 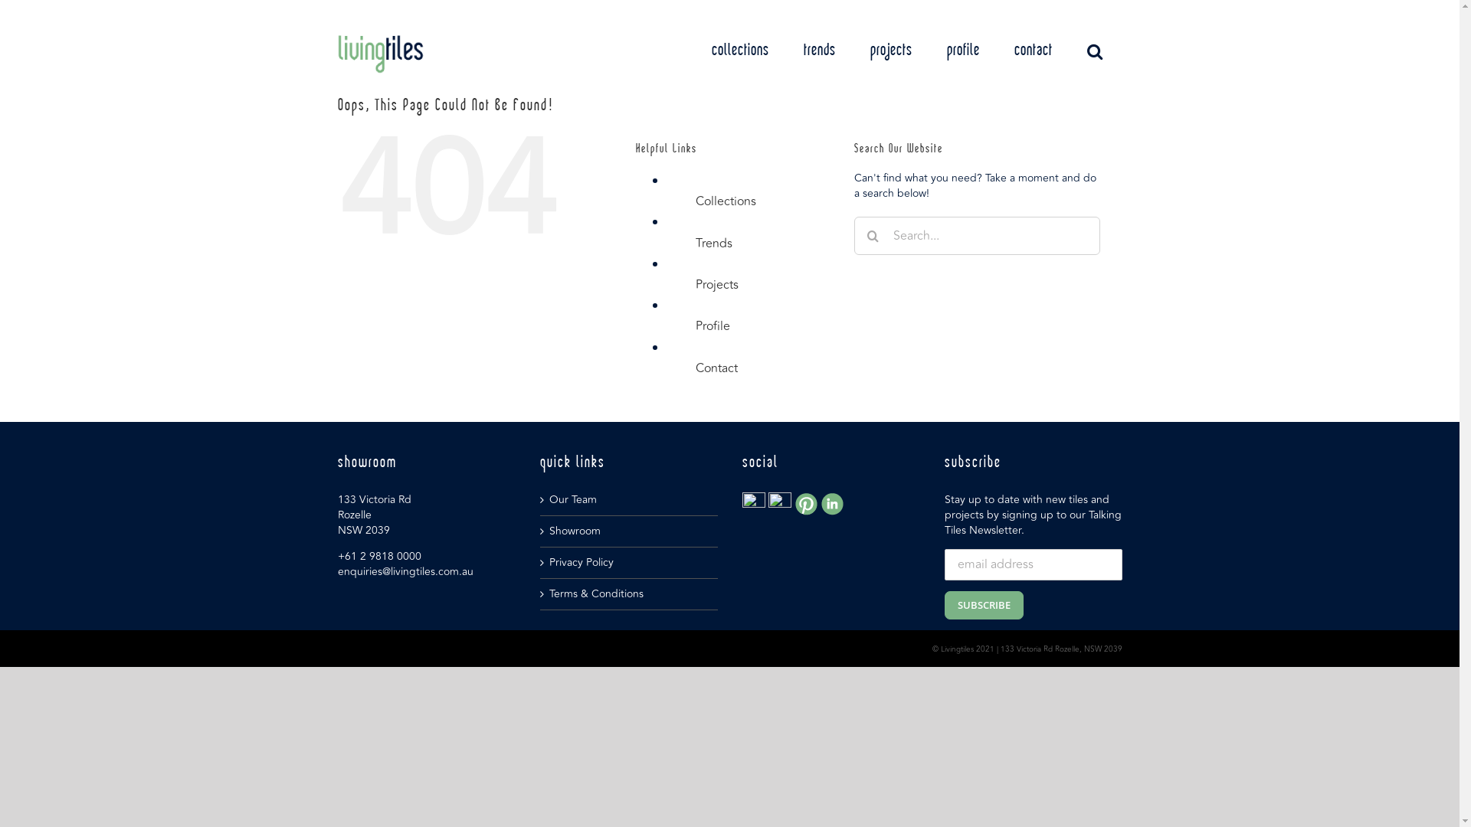 I want to click on 'Profile', so click(x=712, y=325).